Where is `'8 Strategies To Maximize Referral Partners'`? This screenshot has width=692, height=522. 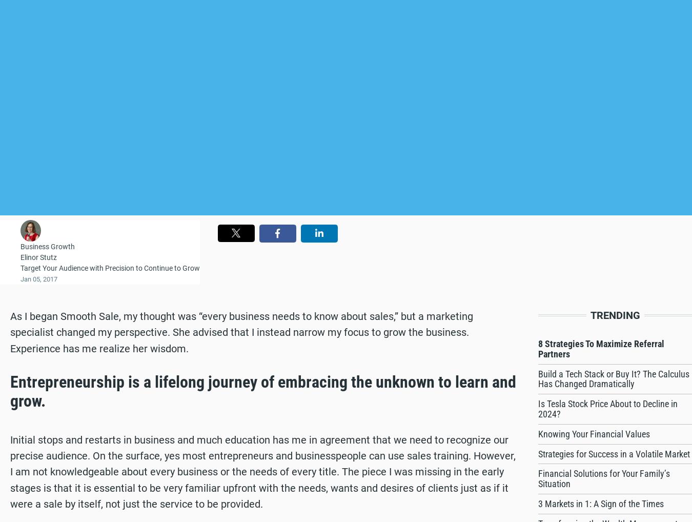
'8 Strategies To Maximize Referral Partners' is located at coordinates (538, 349).